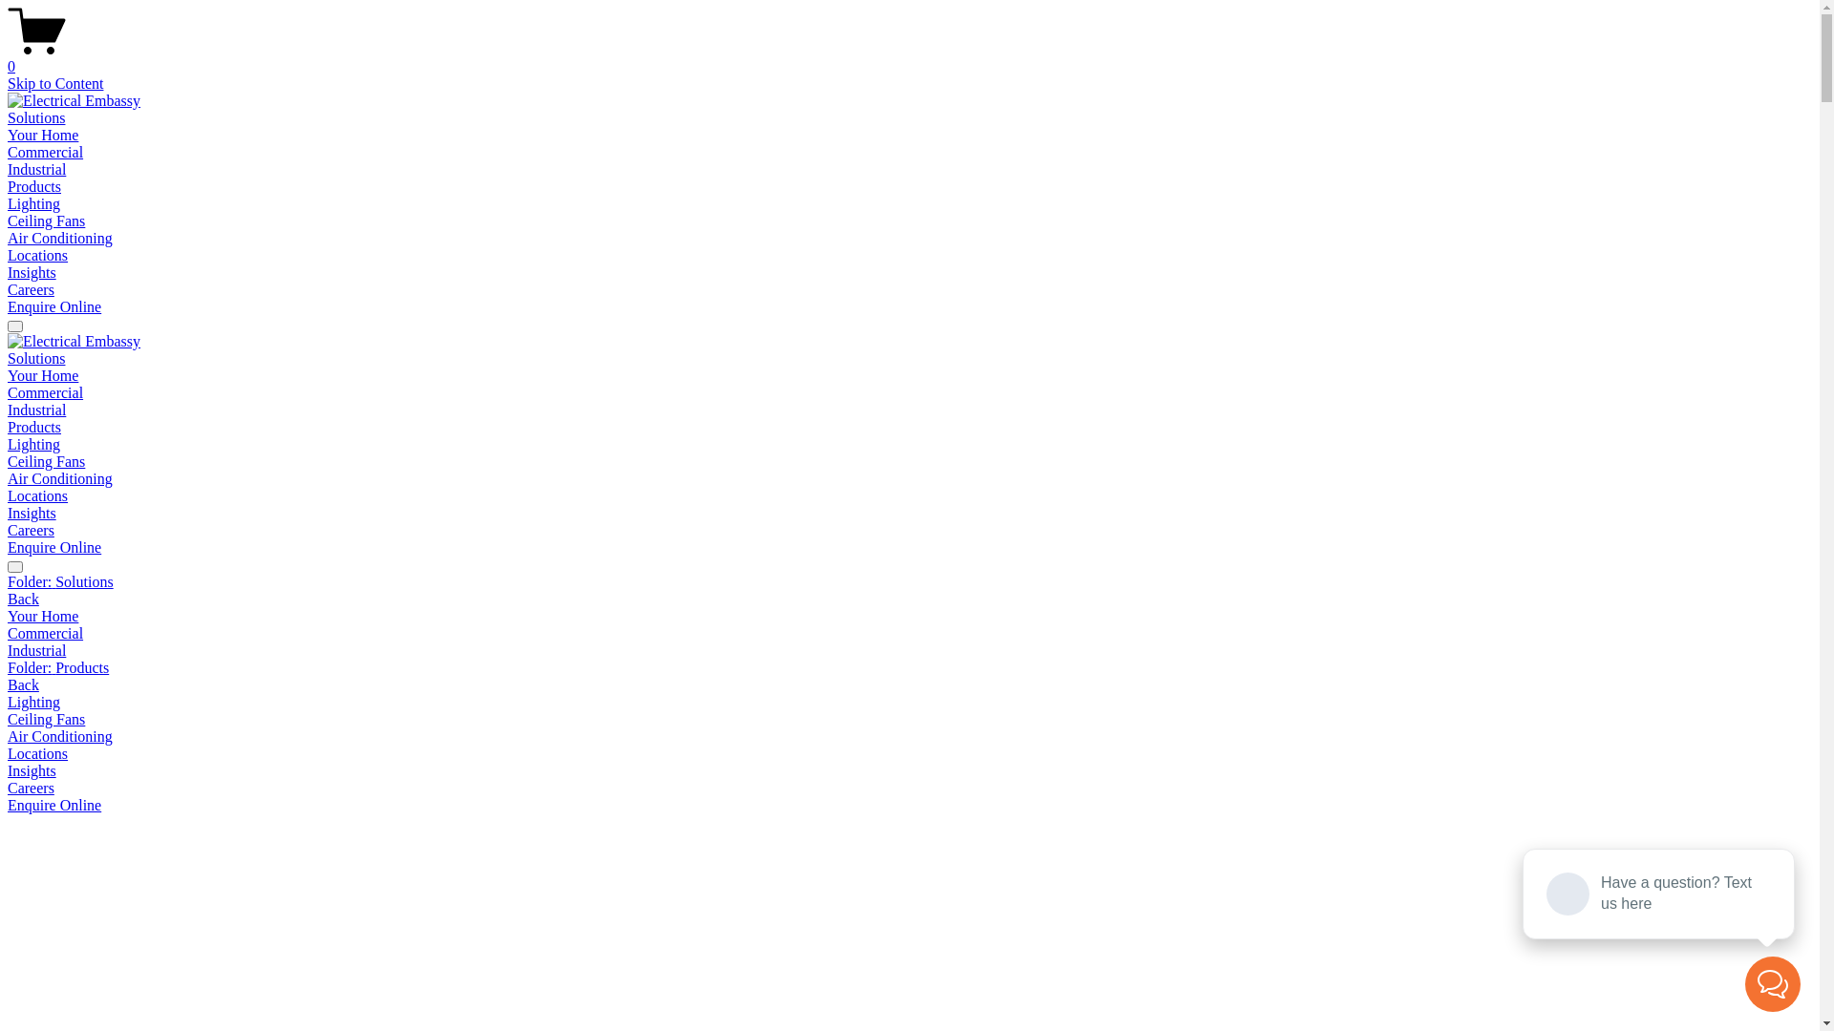 This screenshot has height=1031, width=1834. I want to click on 'Lighting', so click(8, 703).